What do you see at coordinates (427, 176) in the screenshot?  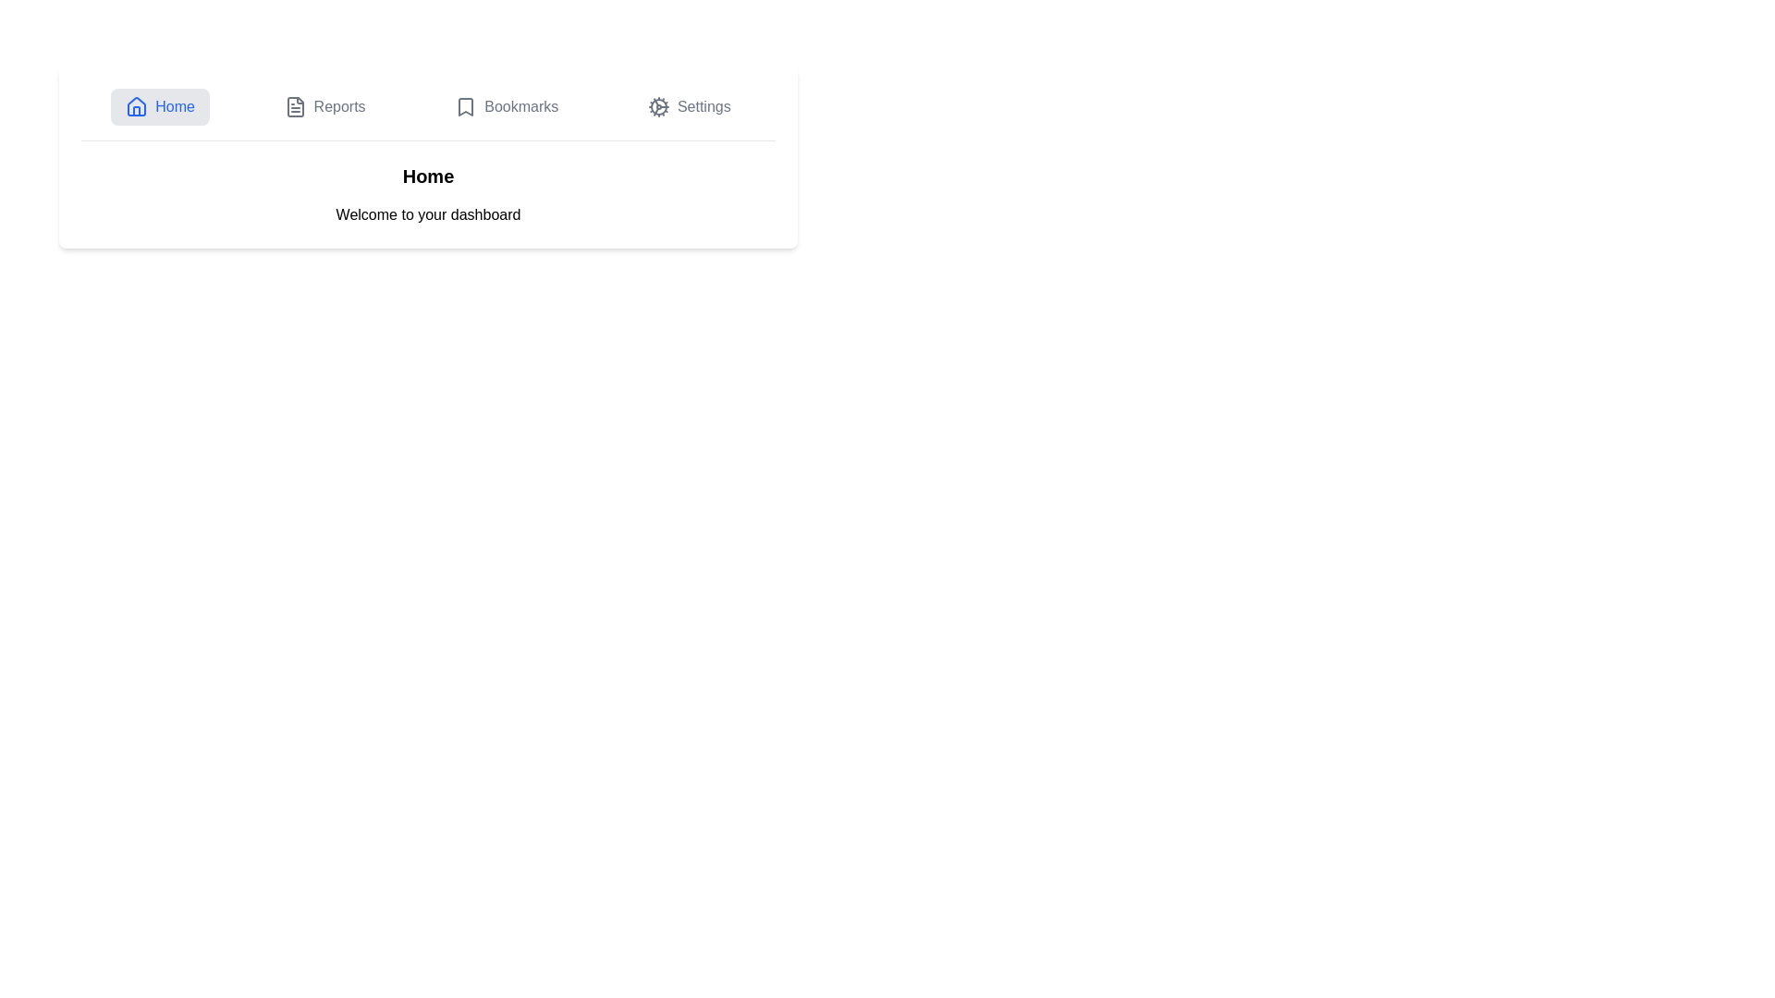 I see `heading text element that serves as the title for the main section of the interface, indicating the current view as 'Home'` at bounding box center [427, 176].